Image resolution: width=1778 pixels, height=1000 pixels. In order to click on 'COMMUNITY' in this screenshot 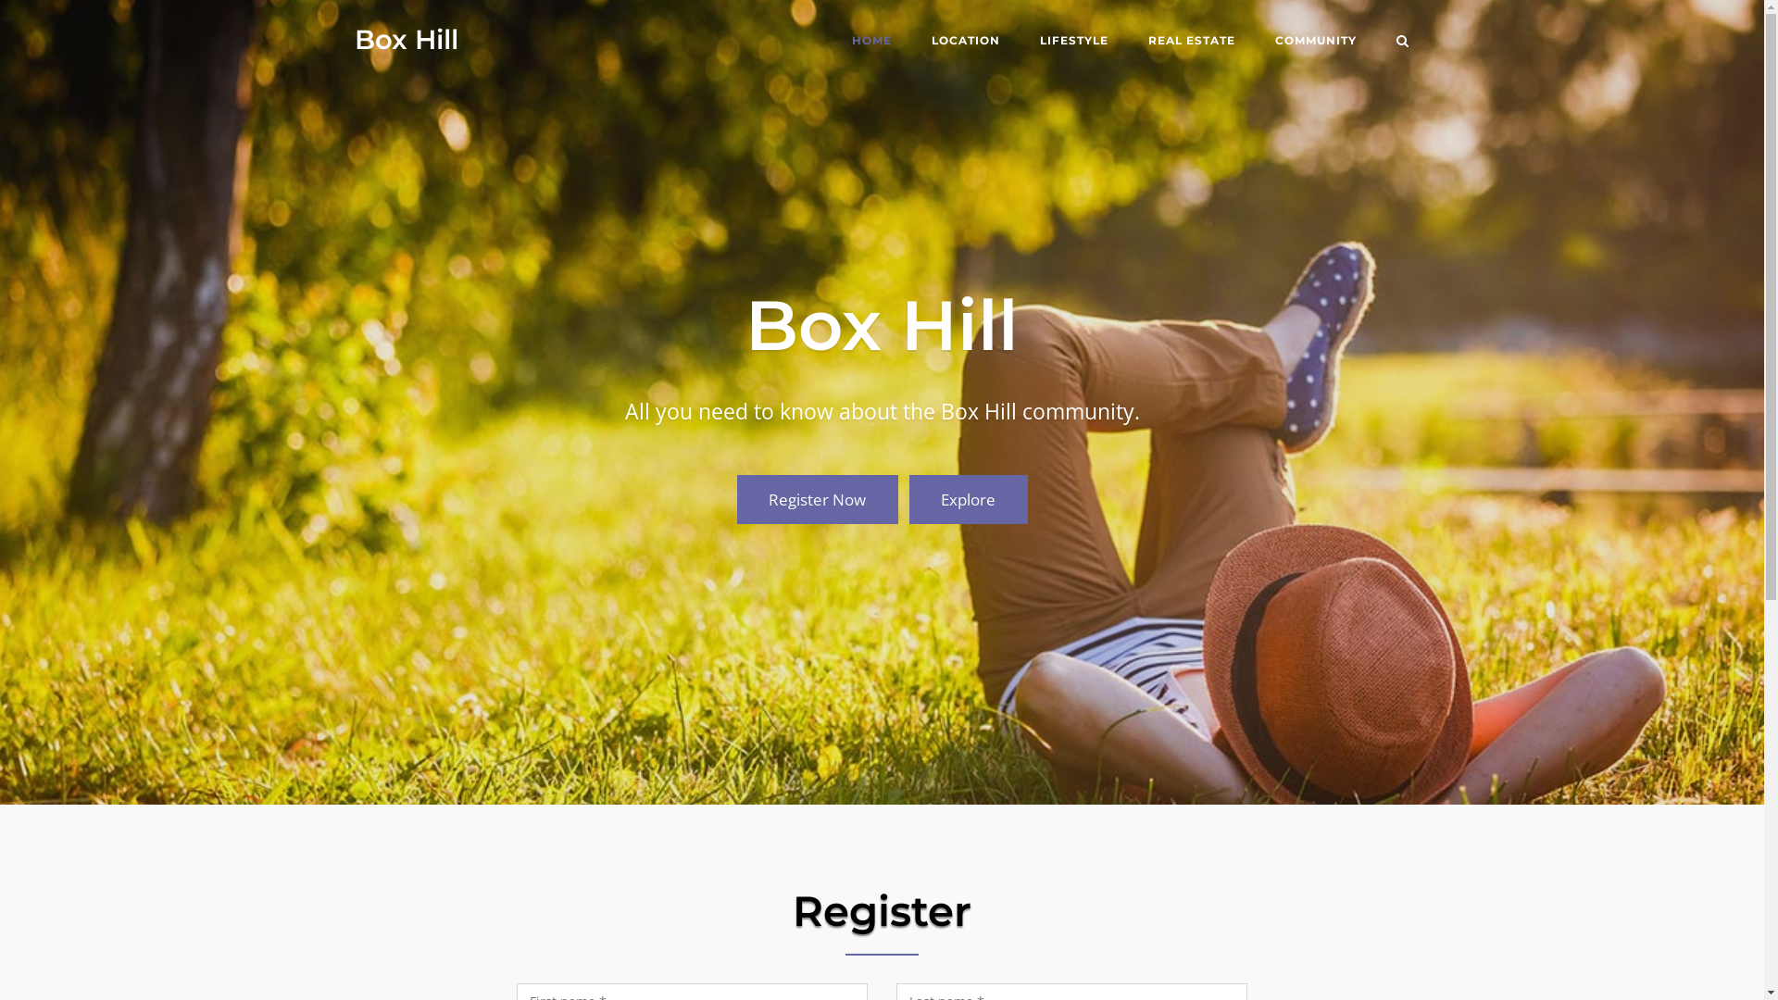, I will do `click(1314, 42)`.